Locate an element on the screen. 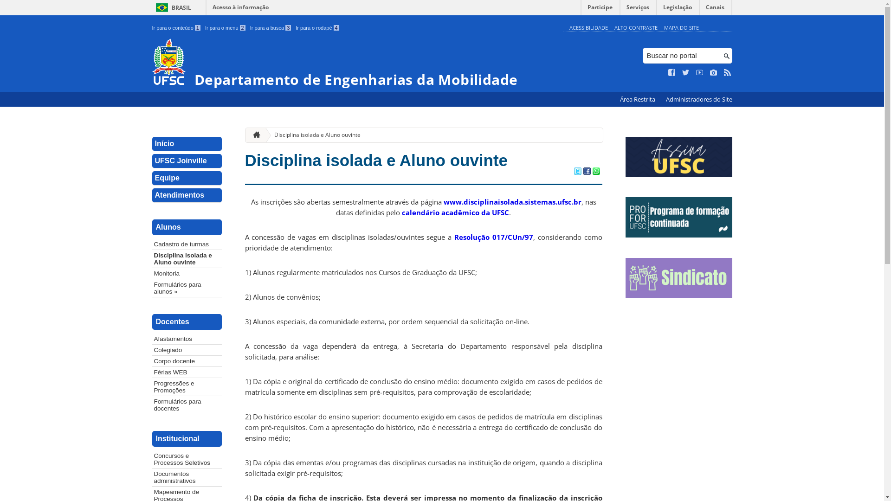 This screenshot has width=891, height=501. 'Administradores do Site' is located at coordinates (698, 99).